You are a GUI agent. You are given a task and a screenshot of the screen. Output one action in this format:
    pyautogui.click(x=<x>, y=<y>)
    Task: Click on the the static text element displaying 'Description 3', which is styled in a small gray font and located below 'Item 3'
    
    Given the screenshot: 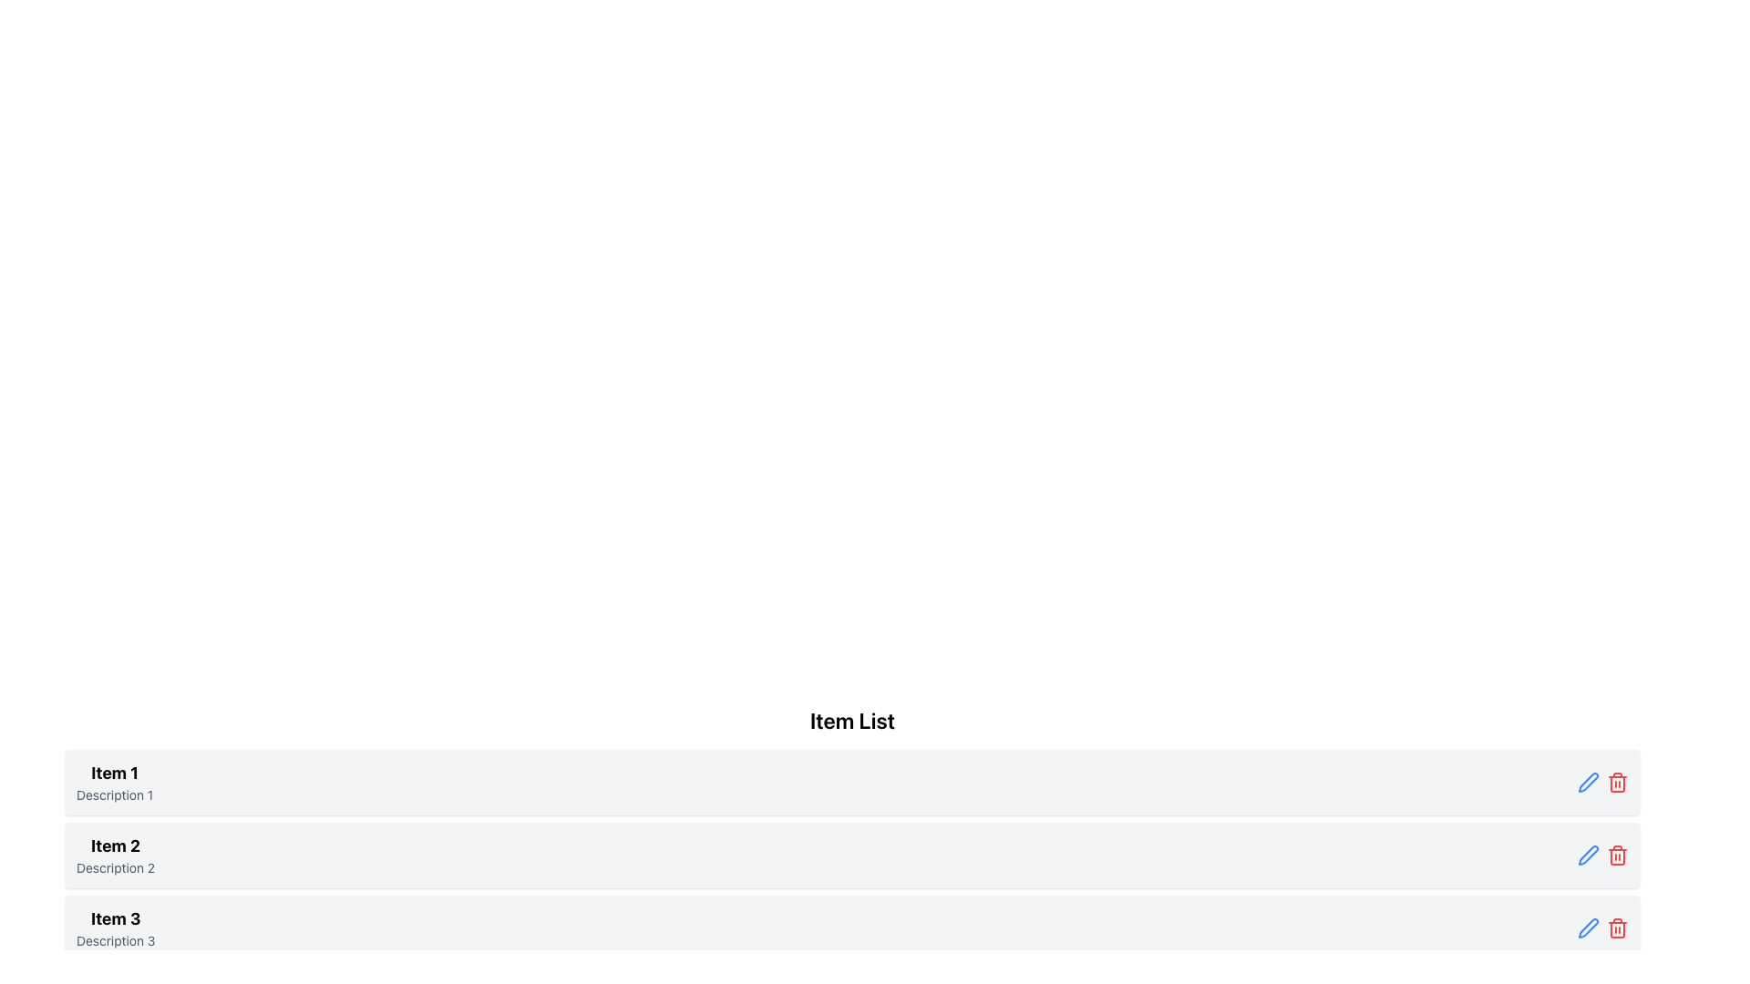 What is the action you would take?
    pyautogui.click(x=115, y=941)
    